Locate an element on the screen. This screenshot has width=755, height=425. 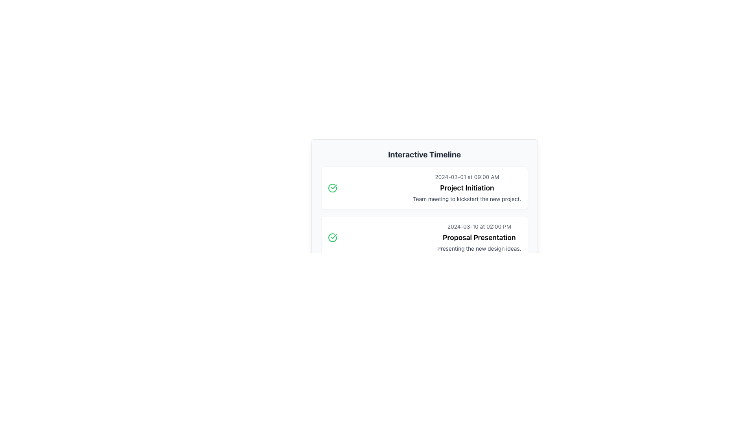
the first identifiable icon in the 'Project Initiation' timeline card that indicates the milestone is marked as completed or confirmed is located at coordinates (332, 188).